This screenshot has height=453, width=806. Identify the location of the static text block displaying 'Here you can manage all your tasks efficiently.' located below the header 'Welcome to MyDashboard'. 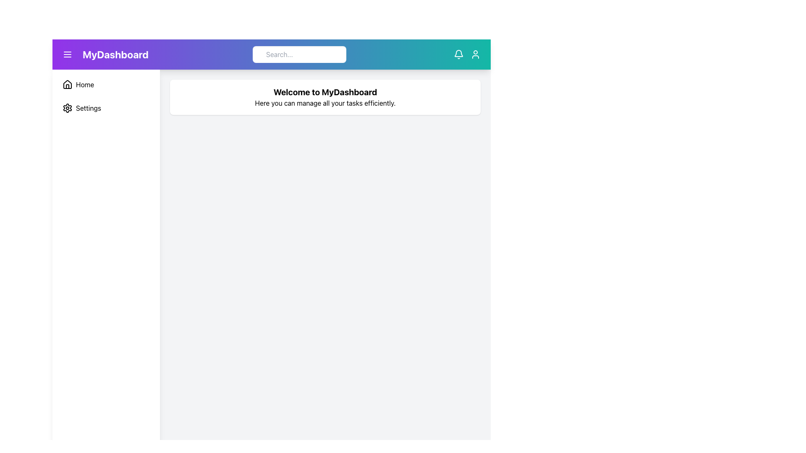
(324, 103).